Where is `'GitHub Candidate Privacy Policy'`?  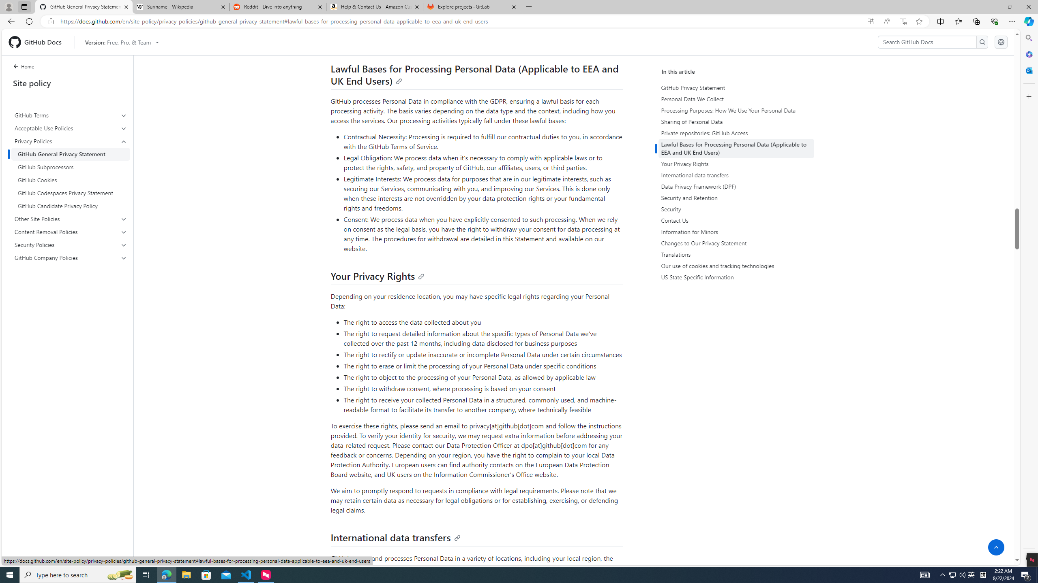
'GitHub Candidate Privacy Policy' is located at coordinates (71, 206).